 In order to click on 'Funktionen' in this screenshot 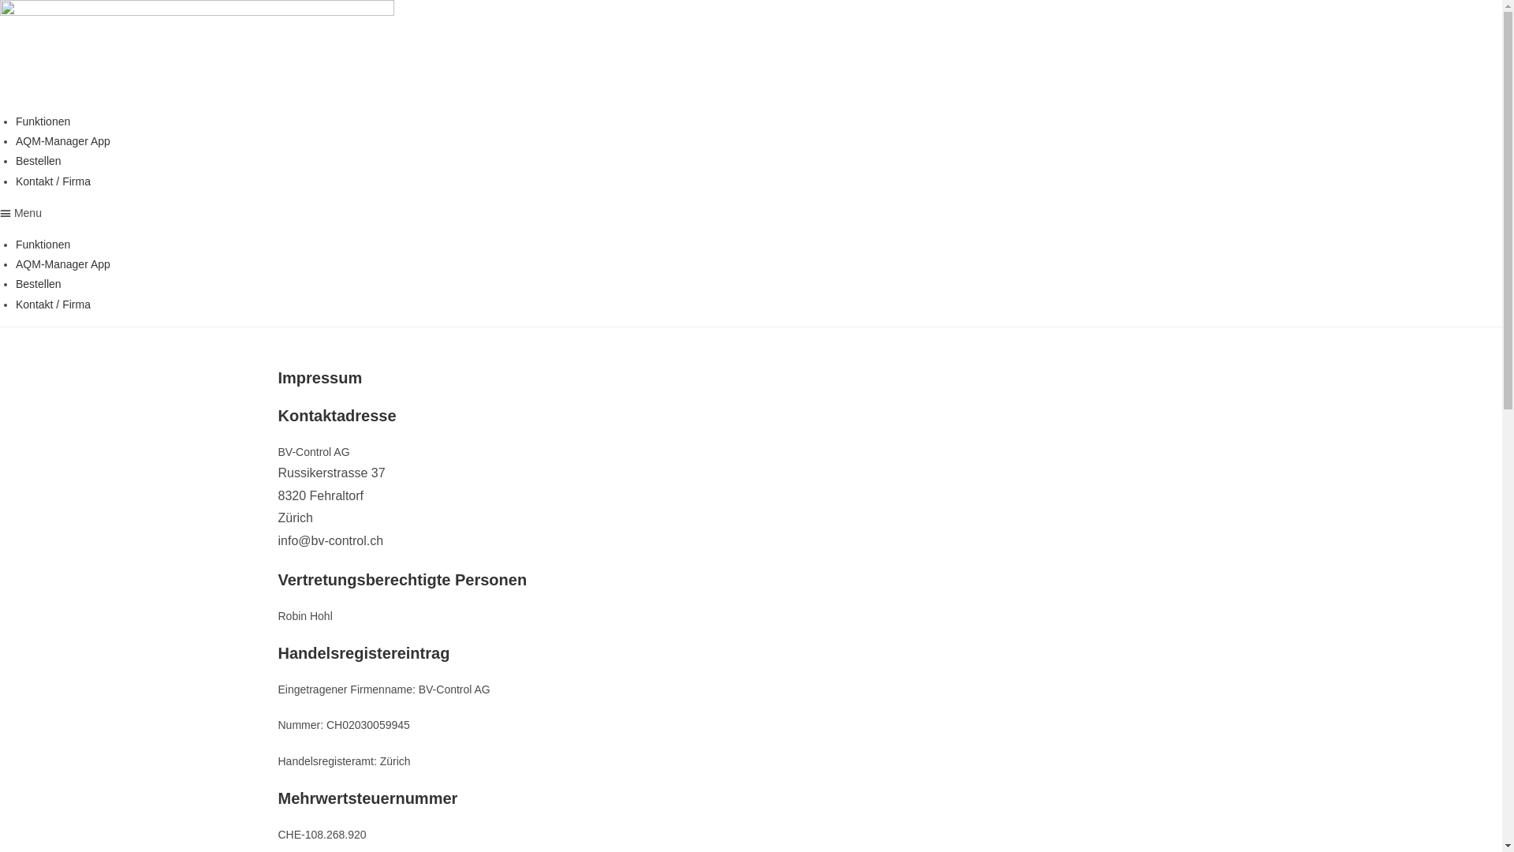, I will do `click(43, 244)`.